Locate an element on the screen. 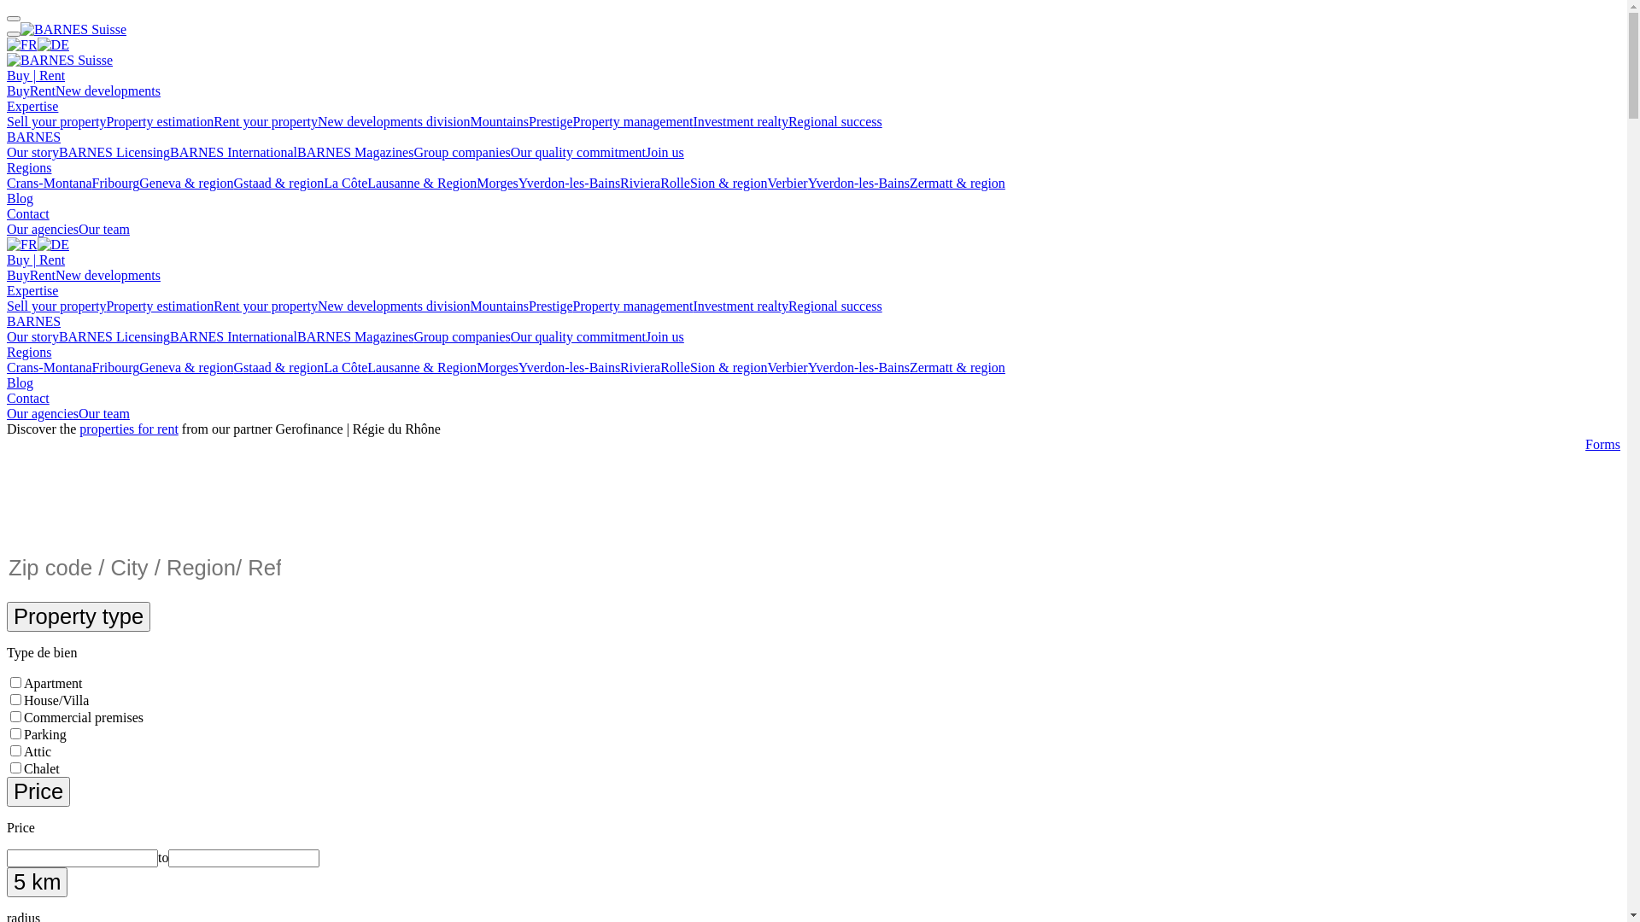  'Yverdon-les-Bains' is located at coordinates (569, 183).